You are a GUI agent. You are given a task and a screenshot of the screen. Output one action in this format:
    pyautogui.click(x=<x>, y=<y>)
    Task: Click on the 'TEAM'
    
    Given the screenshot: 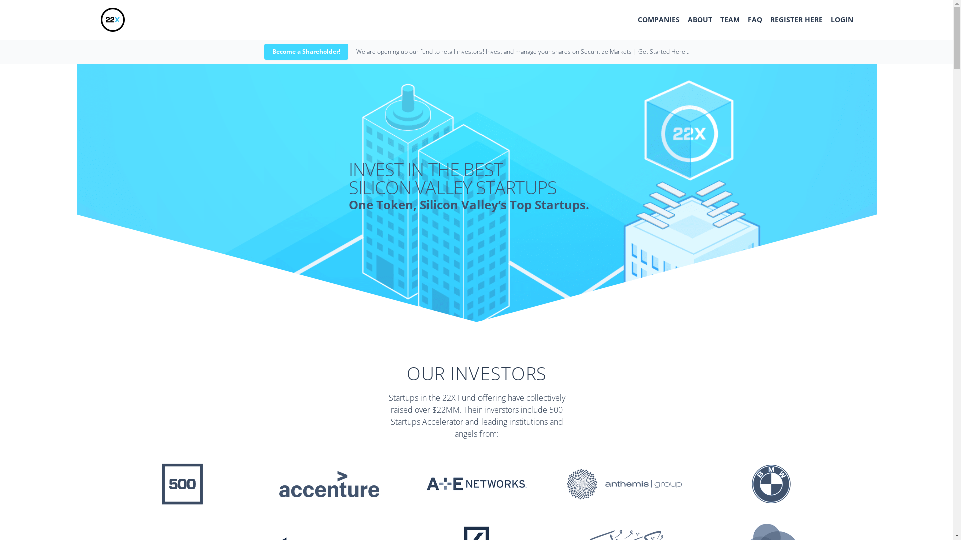 What is the action you would take?
    pyautogui.click(x=729, y=19)
    